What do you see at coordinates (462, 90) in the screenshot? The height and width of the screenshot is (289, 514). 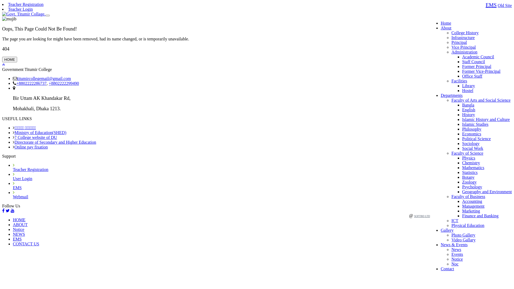 I see `'Hostel'` at bounding box center [462, 90].